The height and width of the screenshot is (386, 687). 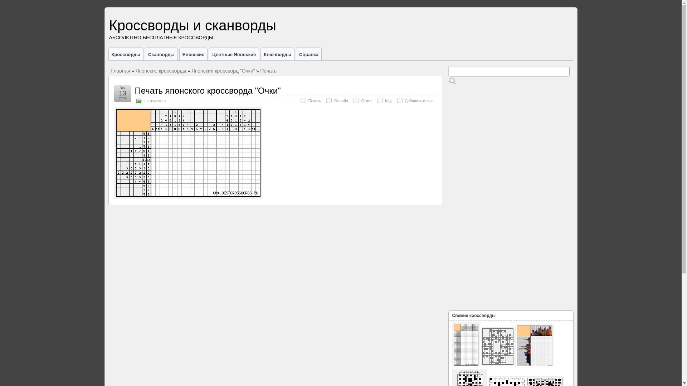 What do you see at coordinates (561, 53) in the screenshot?
I see `'LiveJournal'` at bounding box center [561, 53].